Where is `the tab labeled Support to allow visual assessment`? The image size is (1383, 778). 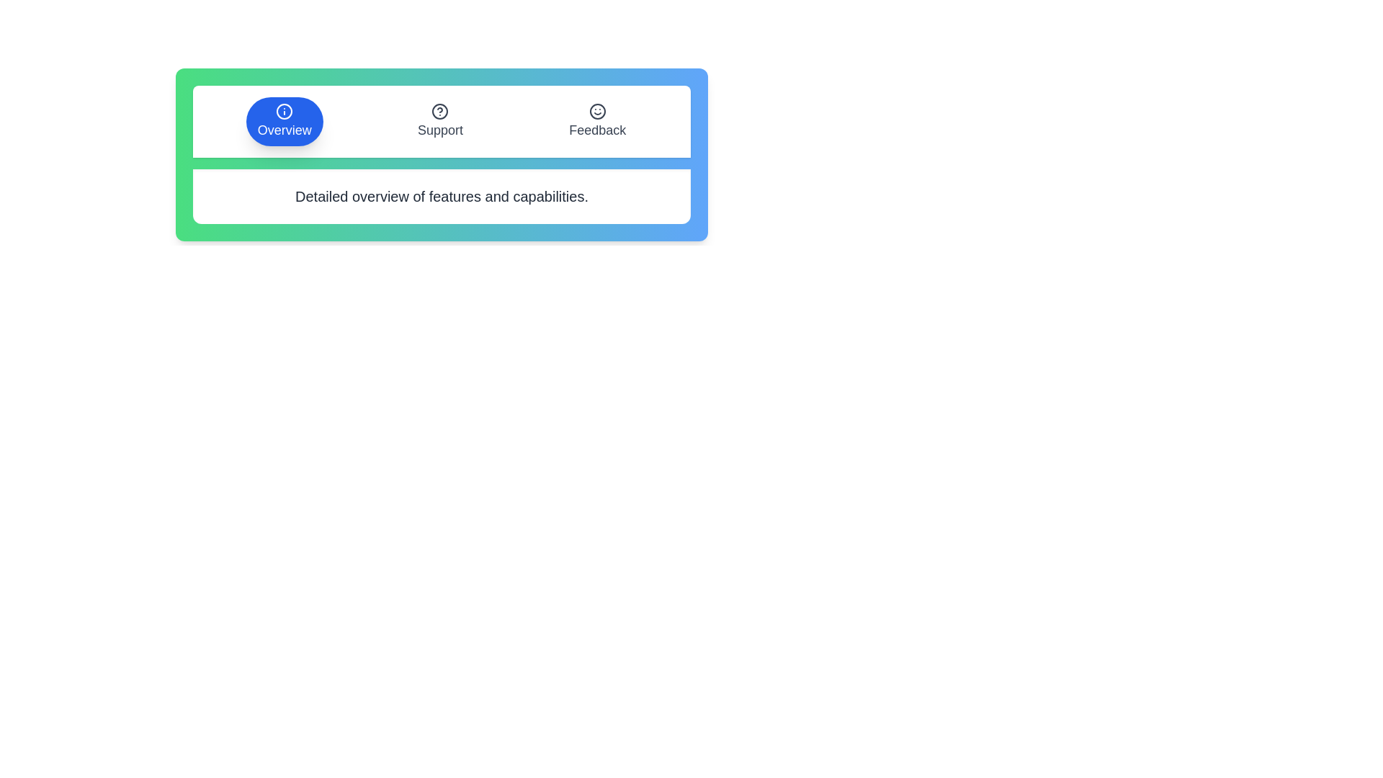 the tab labeled Support to allow visual assessment is located at coordinates (439, 121).